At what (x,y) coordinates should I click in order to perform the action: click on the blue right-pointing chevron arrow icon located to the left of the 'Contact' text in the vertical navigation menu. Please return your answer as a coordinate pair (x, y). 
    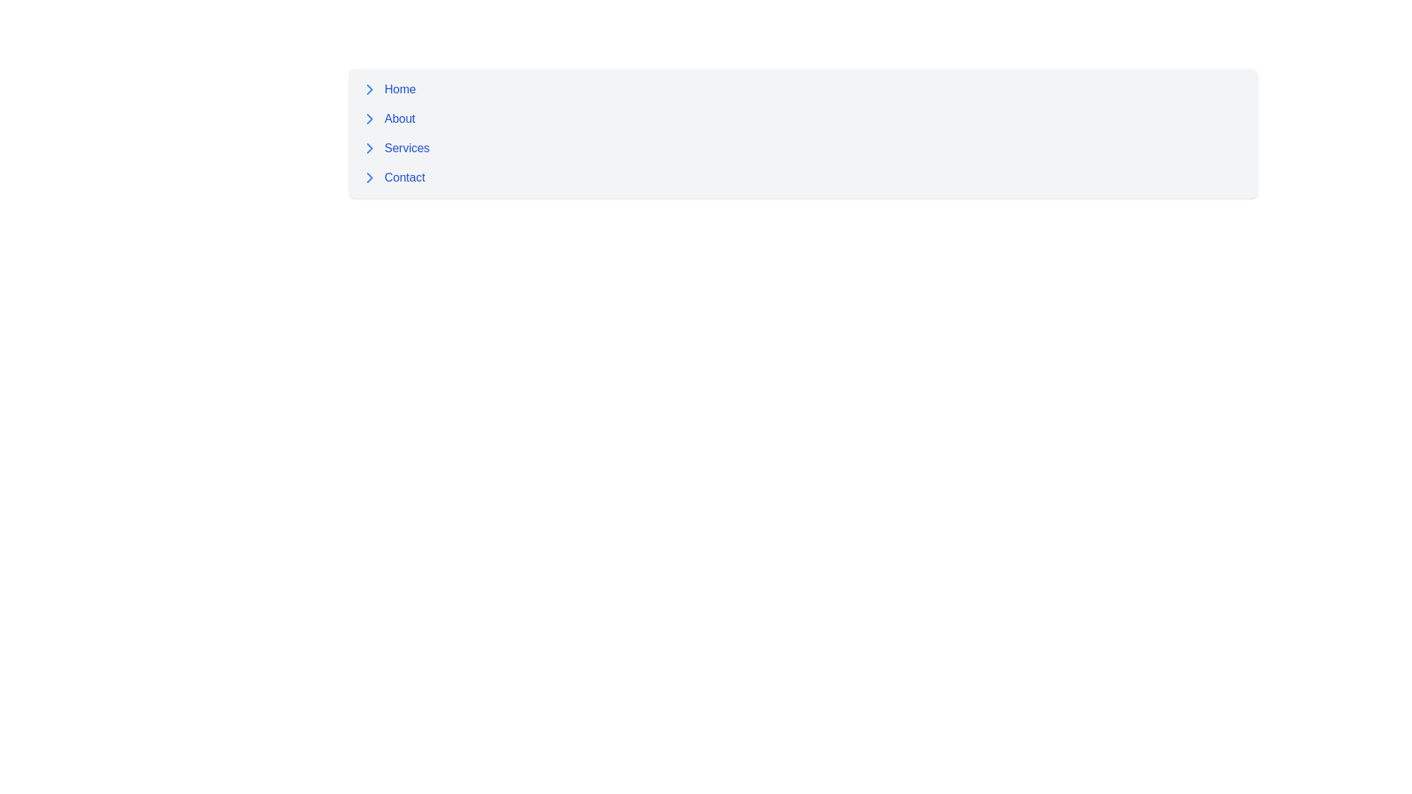
    Looking at the image, I should click on (370, 177).